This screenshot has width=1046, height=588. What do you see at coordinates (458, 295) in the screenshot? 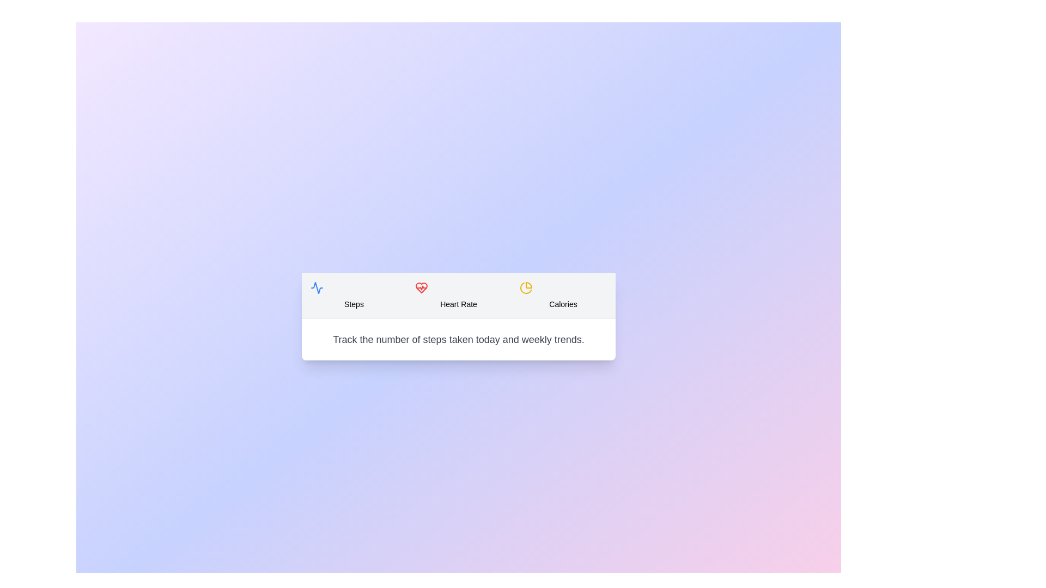
I see `the Heart Rate tab to view its content` at bounding box center [458, 295].